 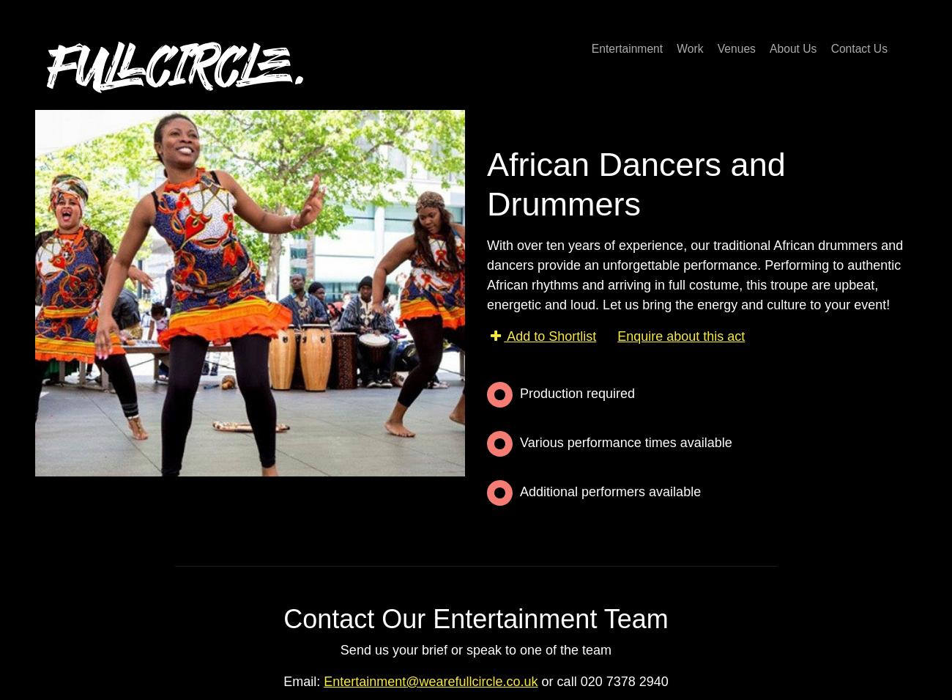 I want to click on 'Add to Shortlist', so click(x=550, y=335).